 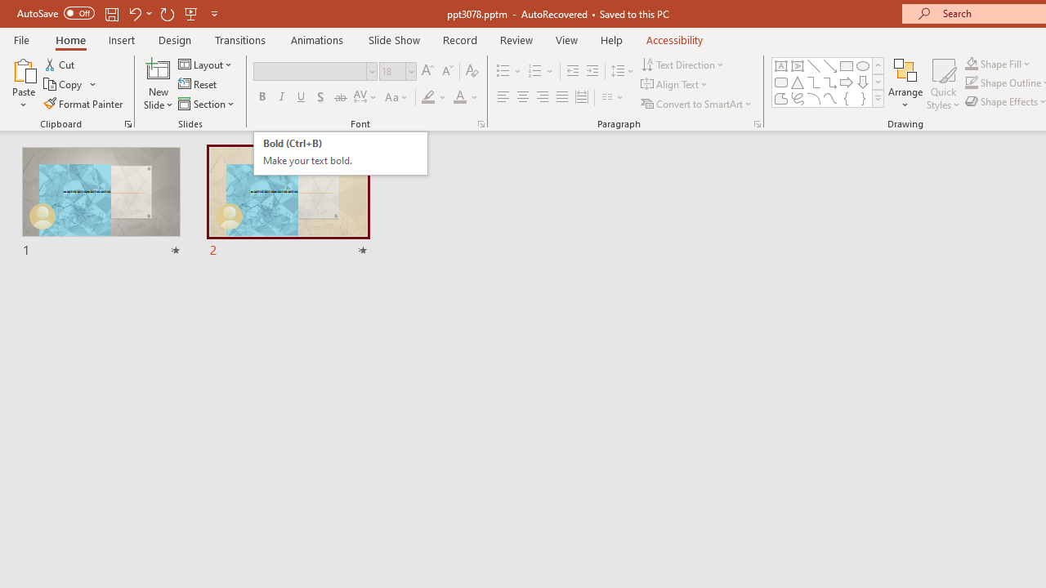 I want to click on 'Freeform: Scribble', so click(x=798, y=98).